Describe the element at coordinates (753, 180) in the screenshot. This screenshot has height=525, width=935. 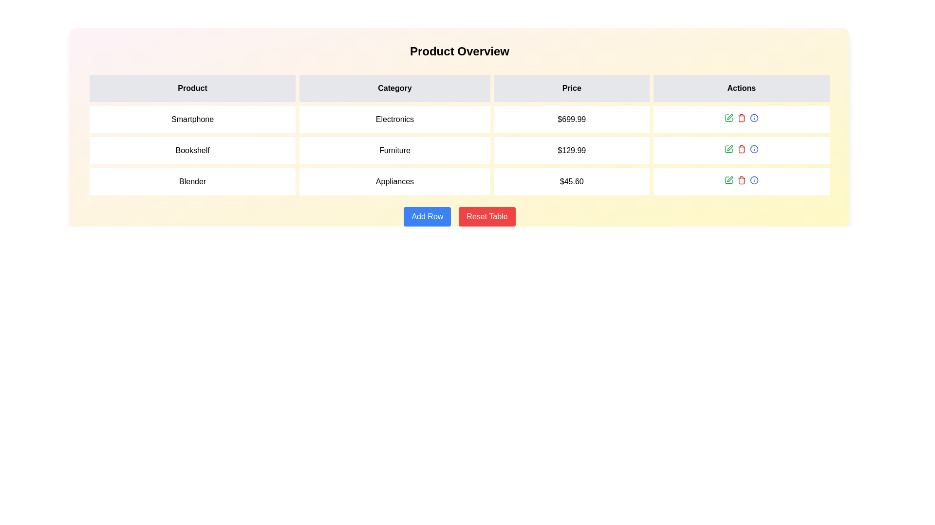
I see `the blue circular informational icon button with an 'i' symbol located in the Actions column of the third row for the Blender product to invoke its action` at that location.